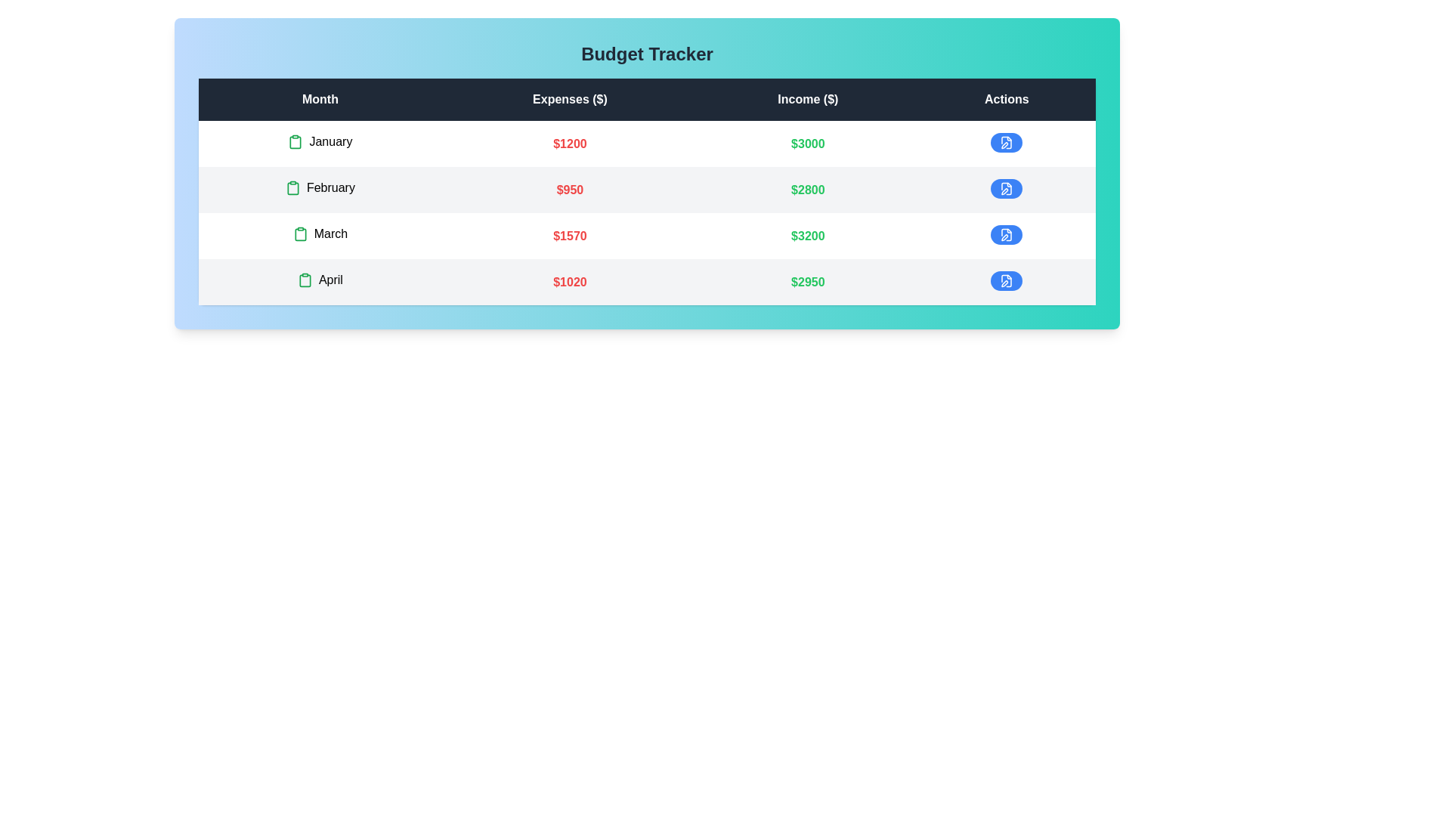 This screenshot has height=816, width=1451. I want to click on edit button for the row corresponding to April, so click(1007, 280).